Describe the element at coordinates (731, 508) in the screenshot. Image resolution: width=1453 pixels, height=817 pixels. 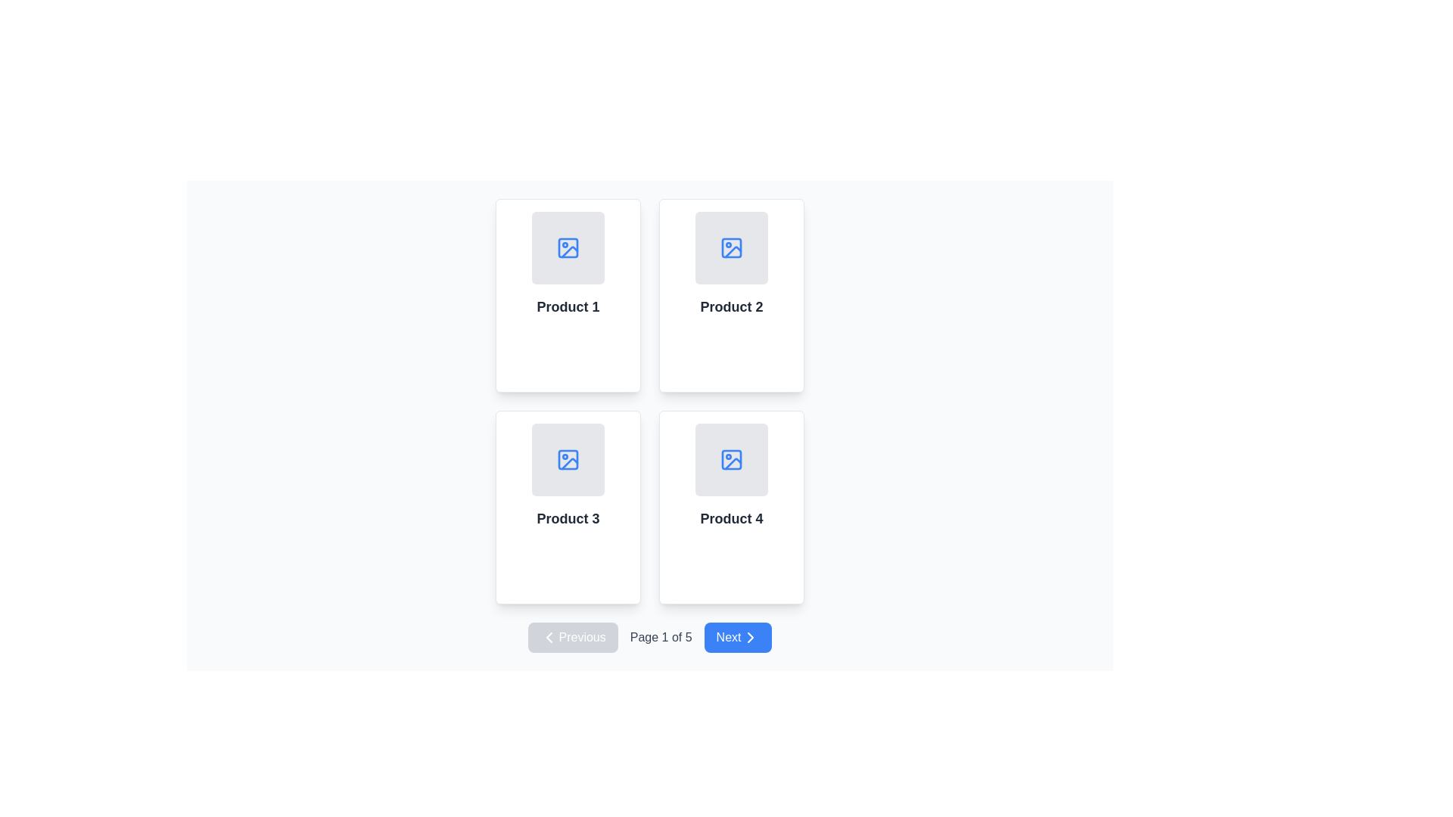
I see `the product card representing 'Product 4', located in the second column and second row of a 2x2 grid layout` at that location.